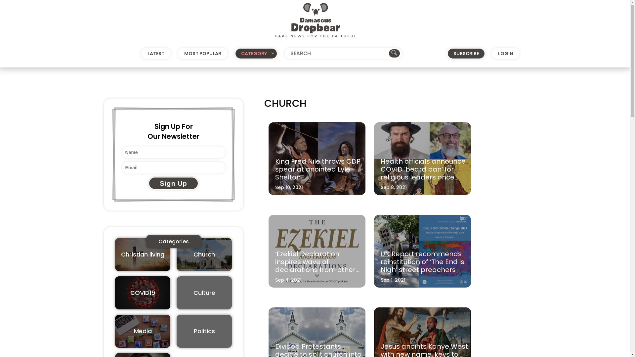  Describe the element at coordinates (155, 53) in the screenshot. I see `'LATEST'` at that location.